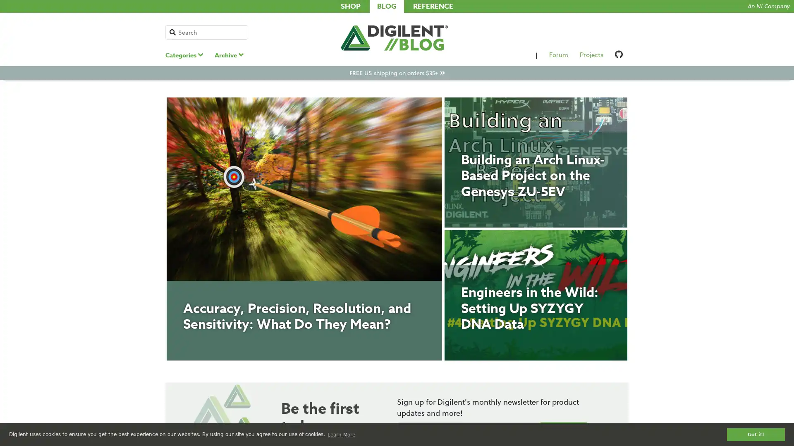  Describe the element at coordinates (756, 434) in the screenshot. I see `dismiss cookie message` at that location.